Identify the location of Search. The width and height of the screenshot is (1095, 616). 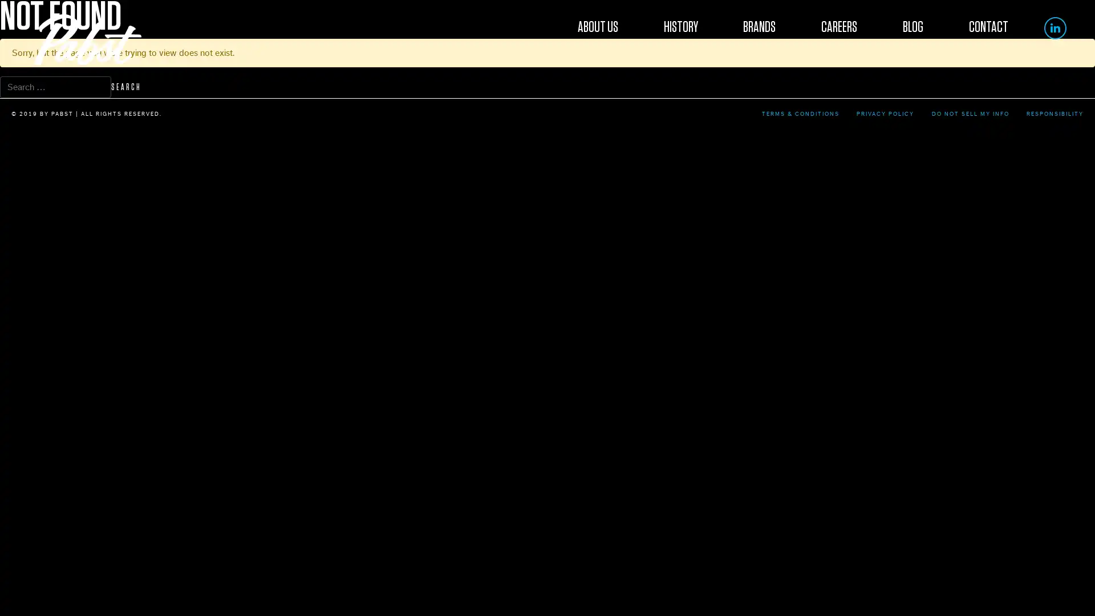
(126, 87).